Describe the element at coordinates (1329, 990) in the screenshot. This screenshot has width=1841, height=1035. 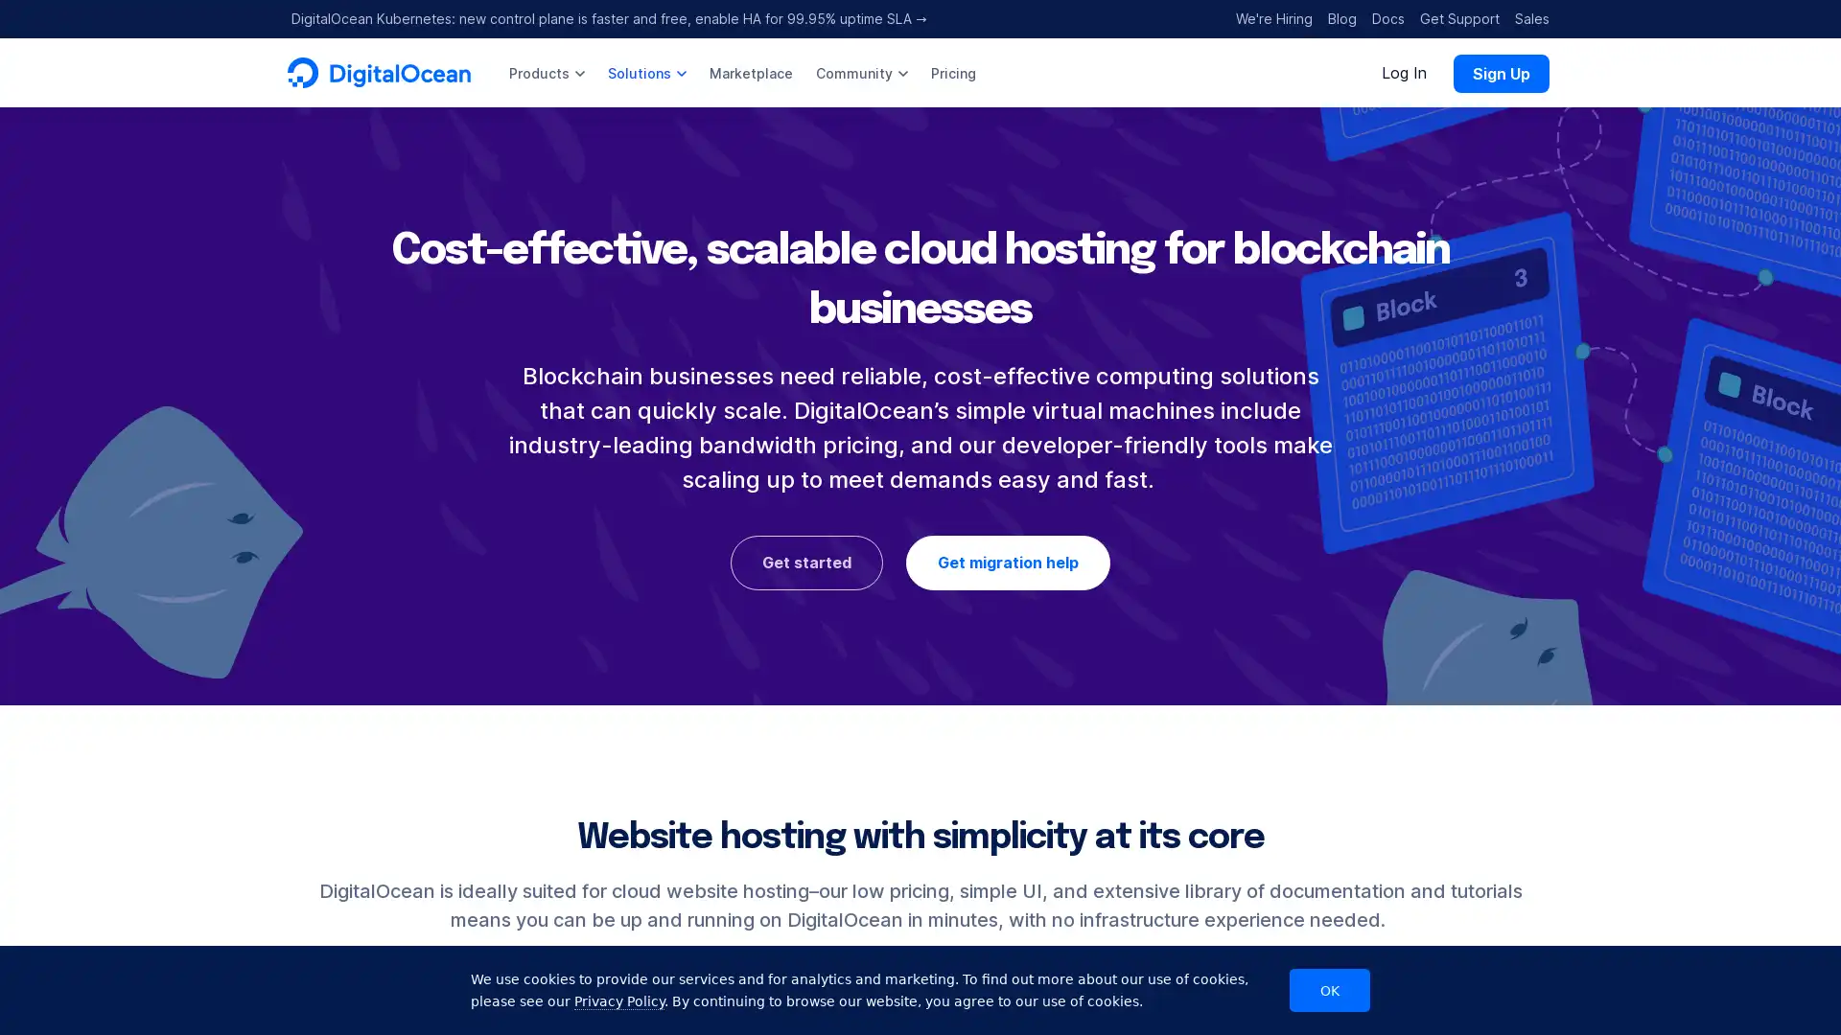
I see `OK` at that location.